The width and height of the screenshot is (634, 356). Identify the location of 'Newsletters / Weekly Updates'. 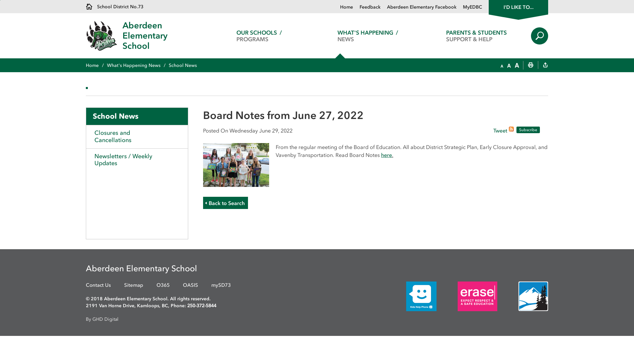
(136, 160).